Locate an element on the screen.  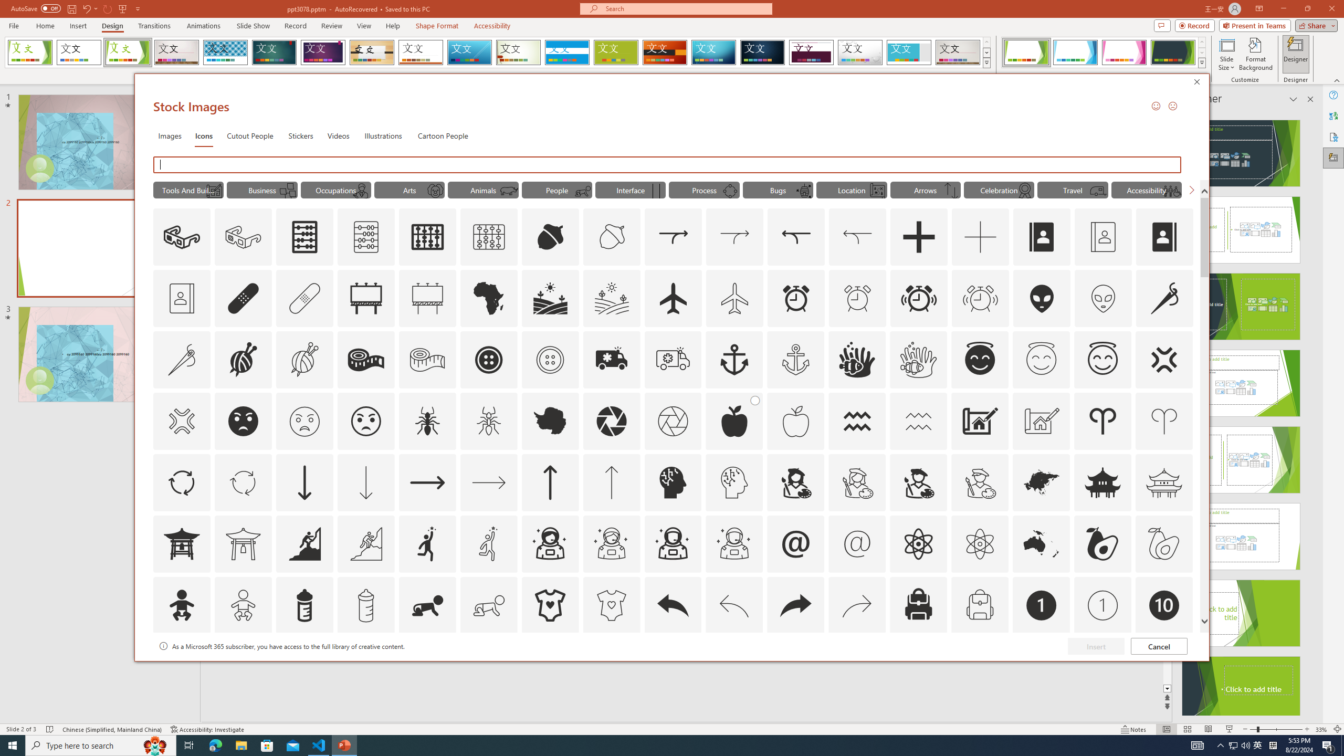
'AutomationID: Icons_Acorn' is located at coordinates (550, 237).